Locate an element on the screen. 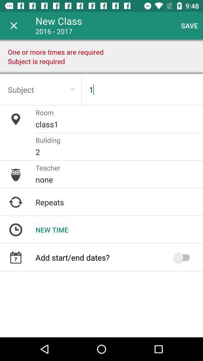 The image size is (203, 361). choose subject is located at coordinates (41, 89).